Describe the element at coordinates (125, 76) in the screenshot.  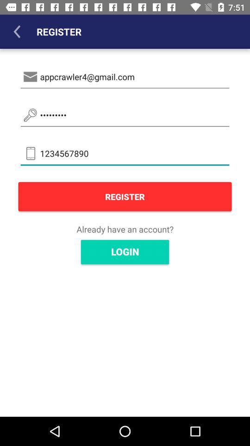
I see `appcrawler4@gmail.com icon` at that location.